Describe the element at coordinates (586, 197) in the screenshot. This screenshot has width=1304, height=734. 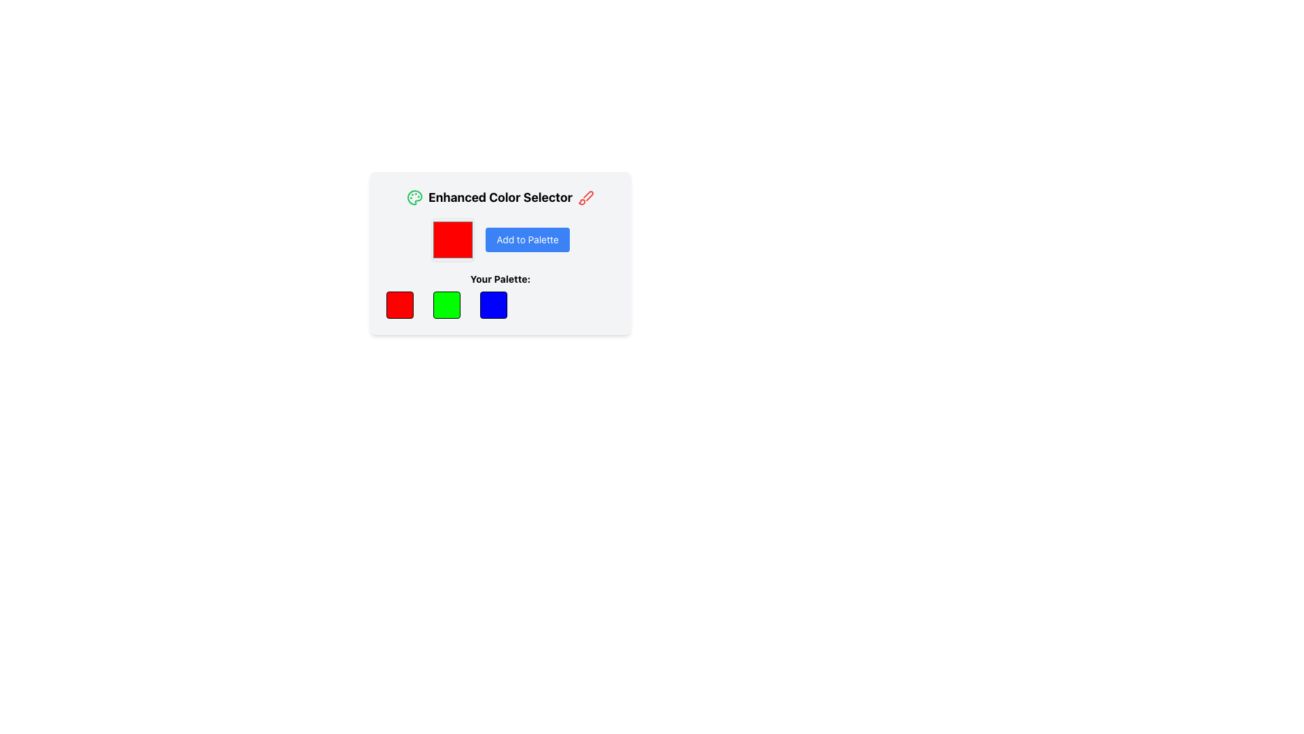
I see `the interactive button or icon for editing or applying a brush action in the top-right corner of the 'Enhanced Color Selector' section, located to the right of the title text 'Enhanced Color Selector'` at that location.